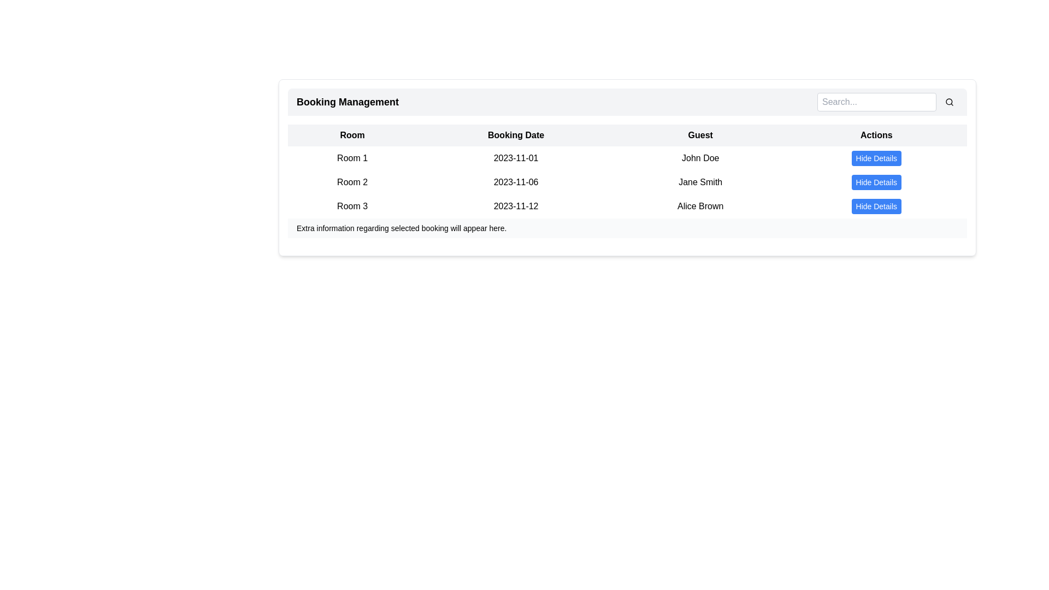  What do you see at coordinates (515, 158) in the screenshot?
I see `the static text element that displays the booking date, located in the 'Booking Date' column of the table, adjacent to 'Room 1' and 'John Doe'` at bounding box center [515, 158].